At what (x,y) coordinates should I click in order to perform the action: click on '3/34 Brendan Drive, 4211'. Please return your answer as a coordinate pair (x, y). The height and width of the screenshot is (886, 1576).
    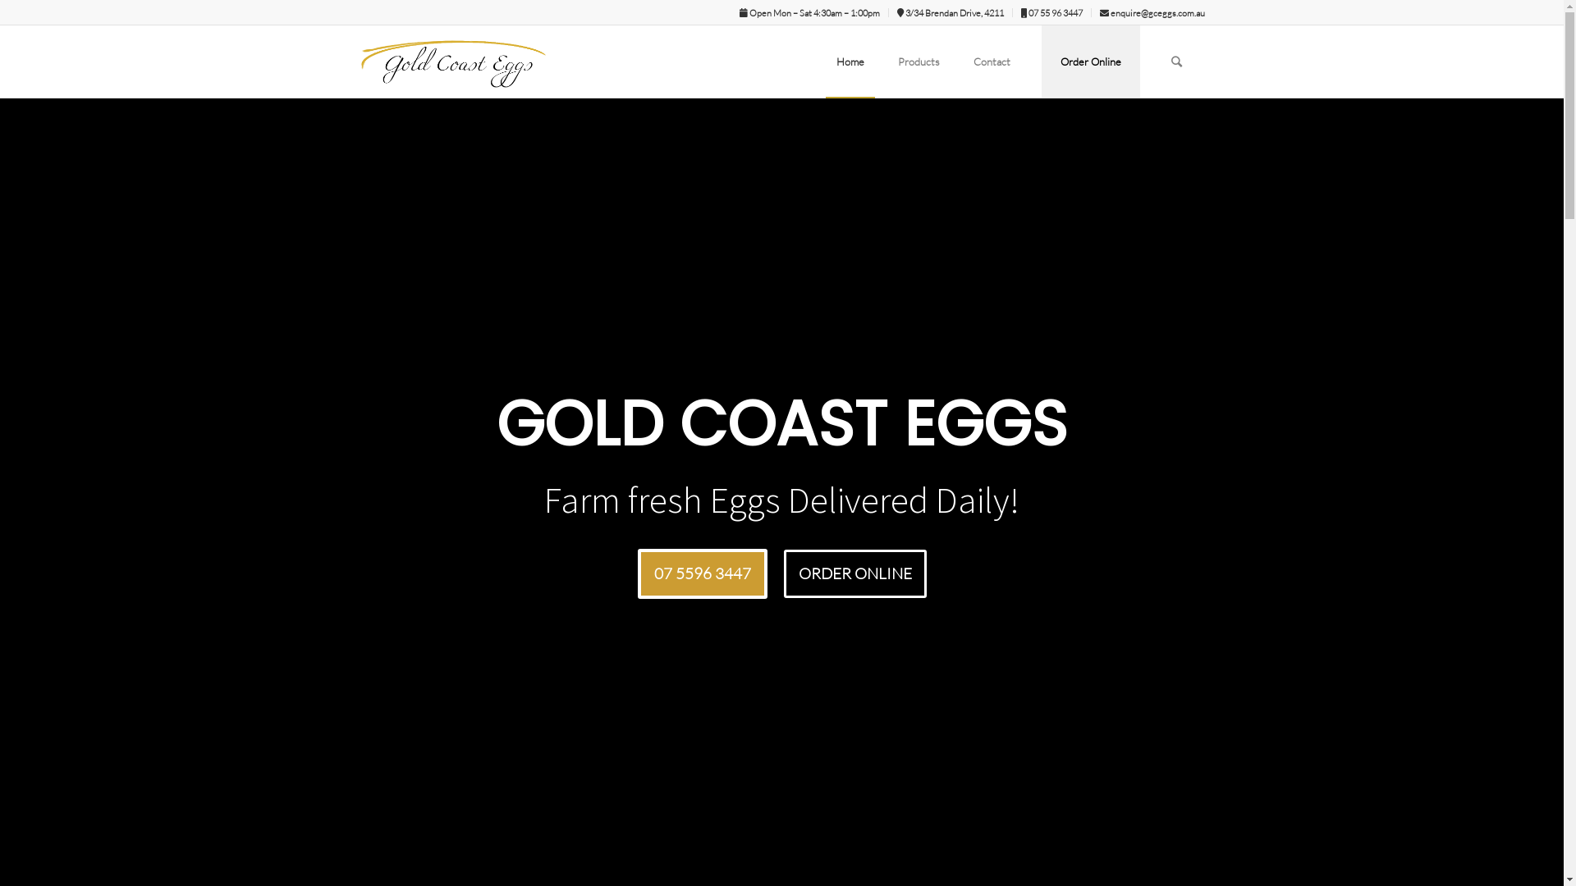
    Looking at the image, I should click on (949, 12).